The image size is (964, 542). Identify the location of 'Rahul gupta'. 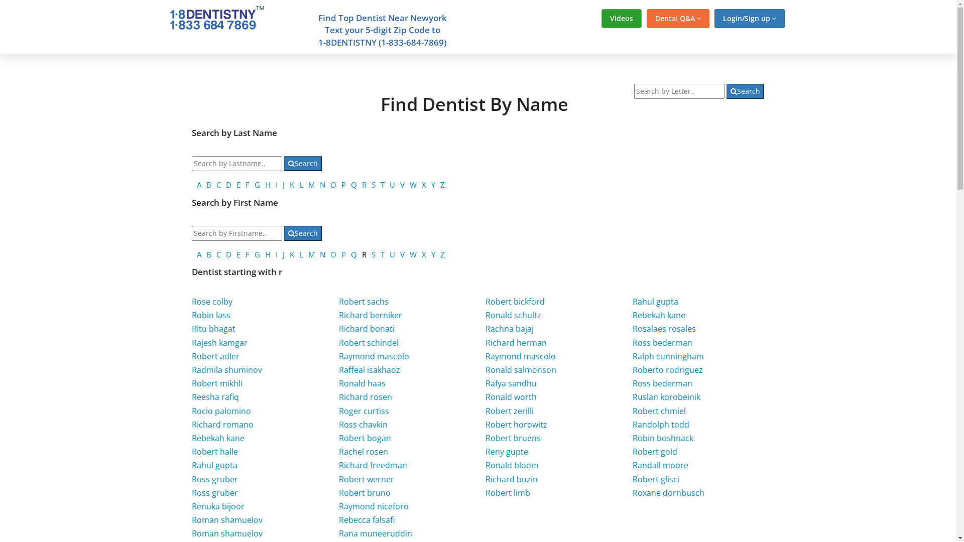
(655, 301).